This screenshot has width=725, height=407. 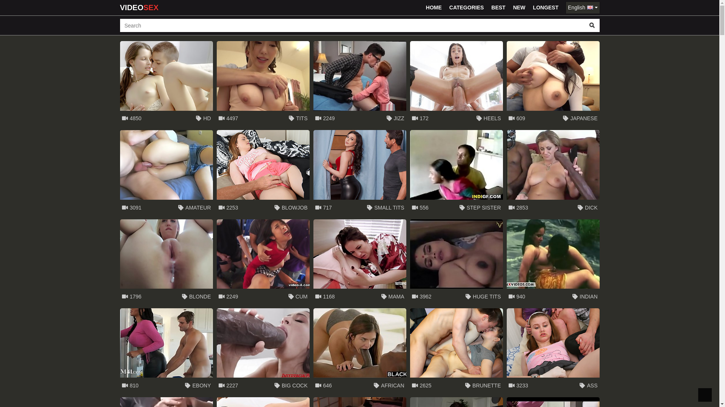 What do you see at coordinates (433, 8) in the screenshot?
I see `'HOME'` at bounding box center [433, 8].